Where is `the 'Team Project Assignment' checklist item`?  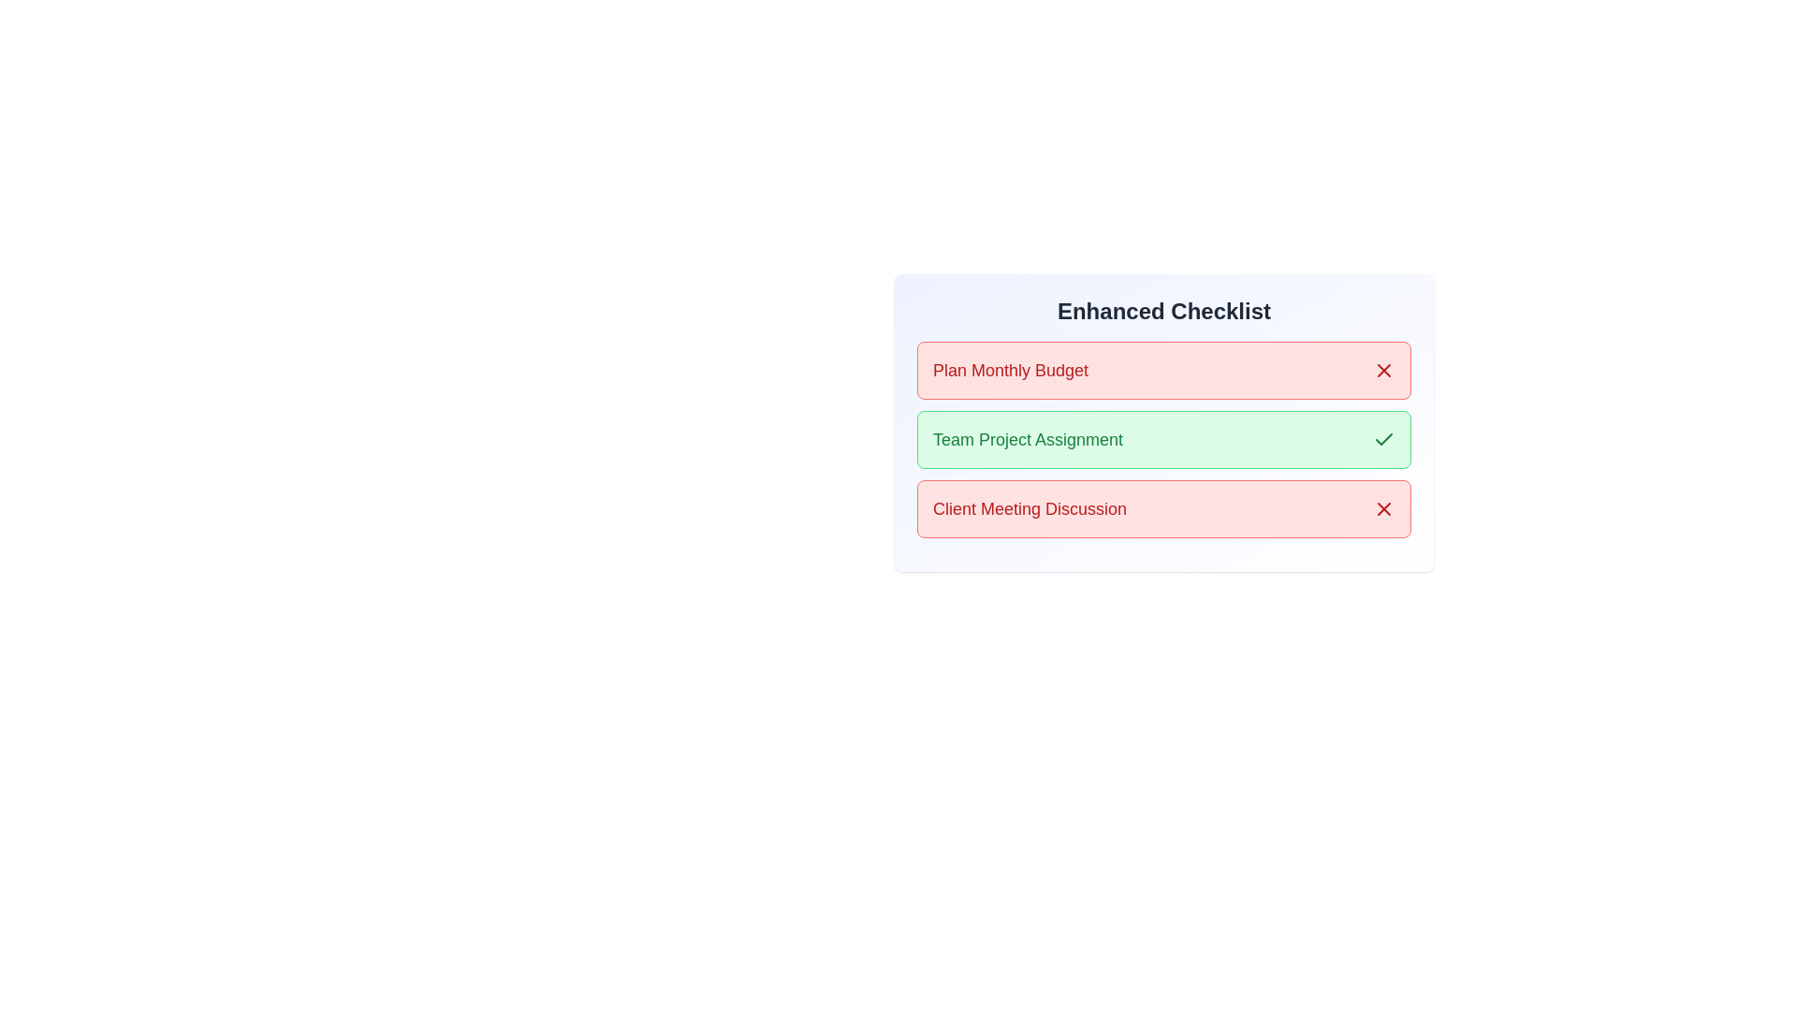 the 'Team Project Assignment' checklist item is located at coordinates (1162, 422).